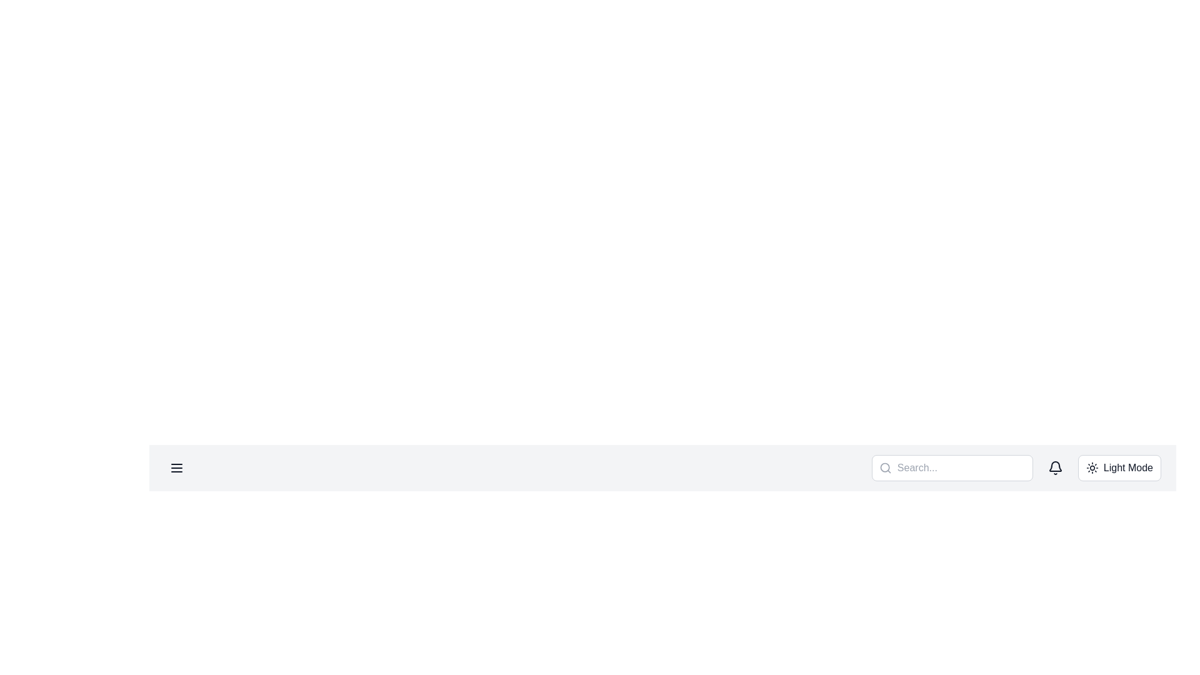 The height and width of the screenshot is (675, 1200). Describe the element at coordinates (176, 467) in the screenshot. I see `the menu toggle icon located at the leftmost end of the top navigation bar` at that location.